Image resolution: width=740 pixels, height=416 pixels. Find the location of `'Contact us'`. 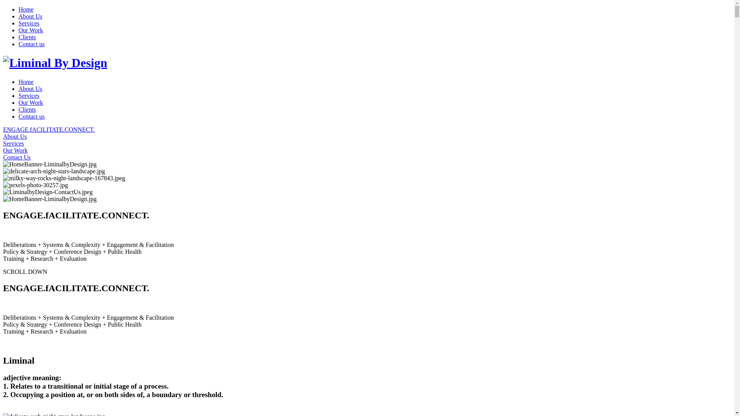

'Contact us' is located at coordinates (31, 116).